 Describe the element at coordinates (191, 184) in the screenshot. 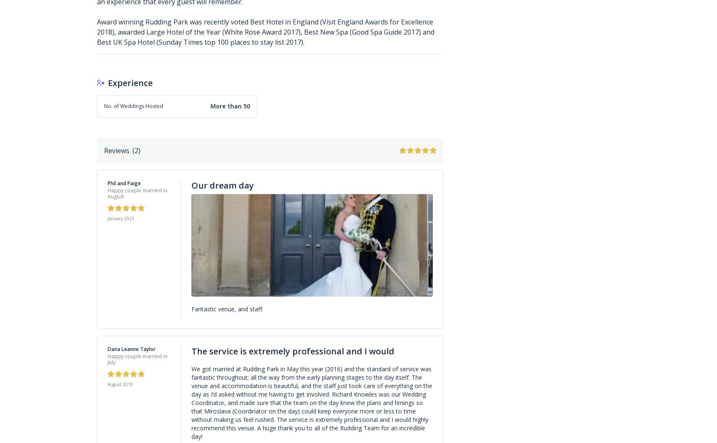

I see `'Our dream day'` at that location.